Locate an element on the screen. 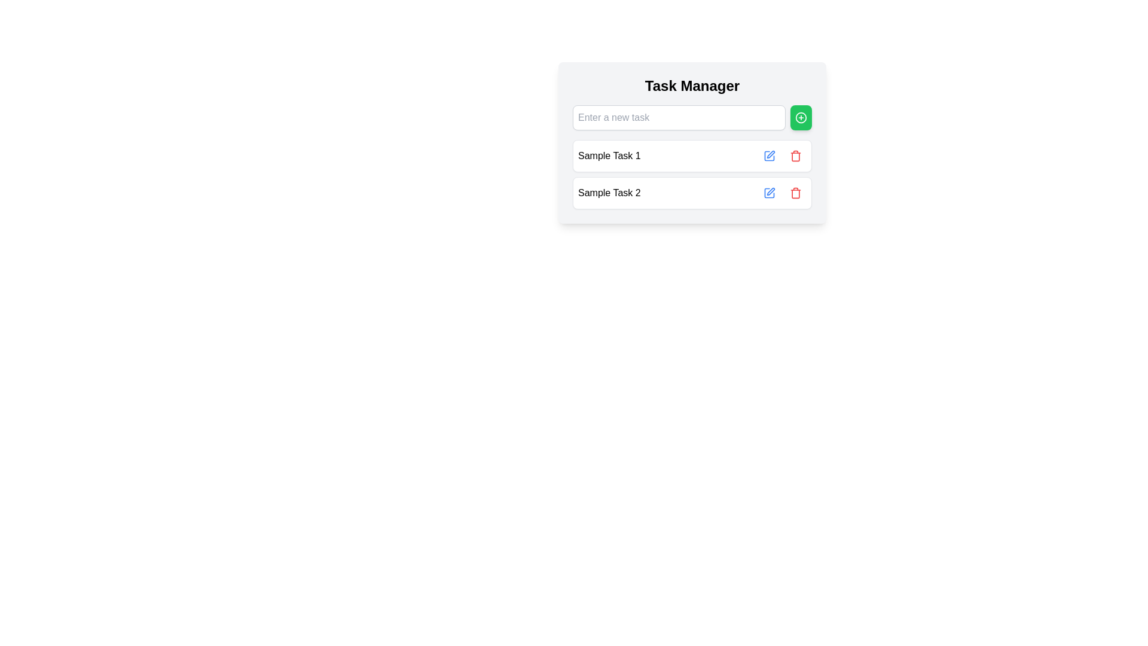 The image size is (1148, 646). the Icon button located in the second task item row, immediately to the right of 'Sample Task 2' and to the left of the delete button is located at coordinates (771, 191).